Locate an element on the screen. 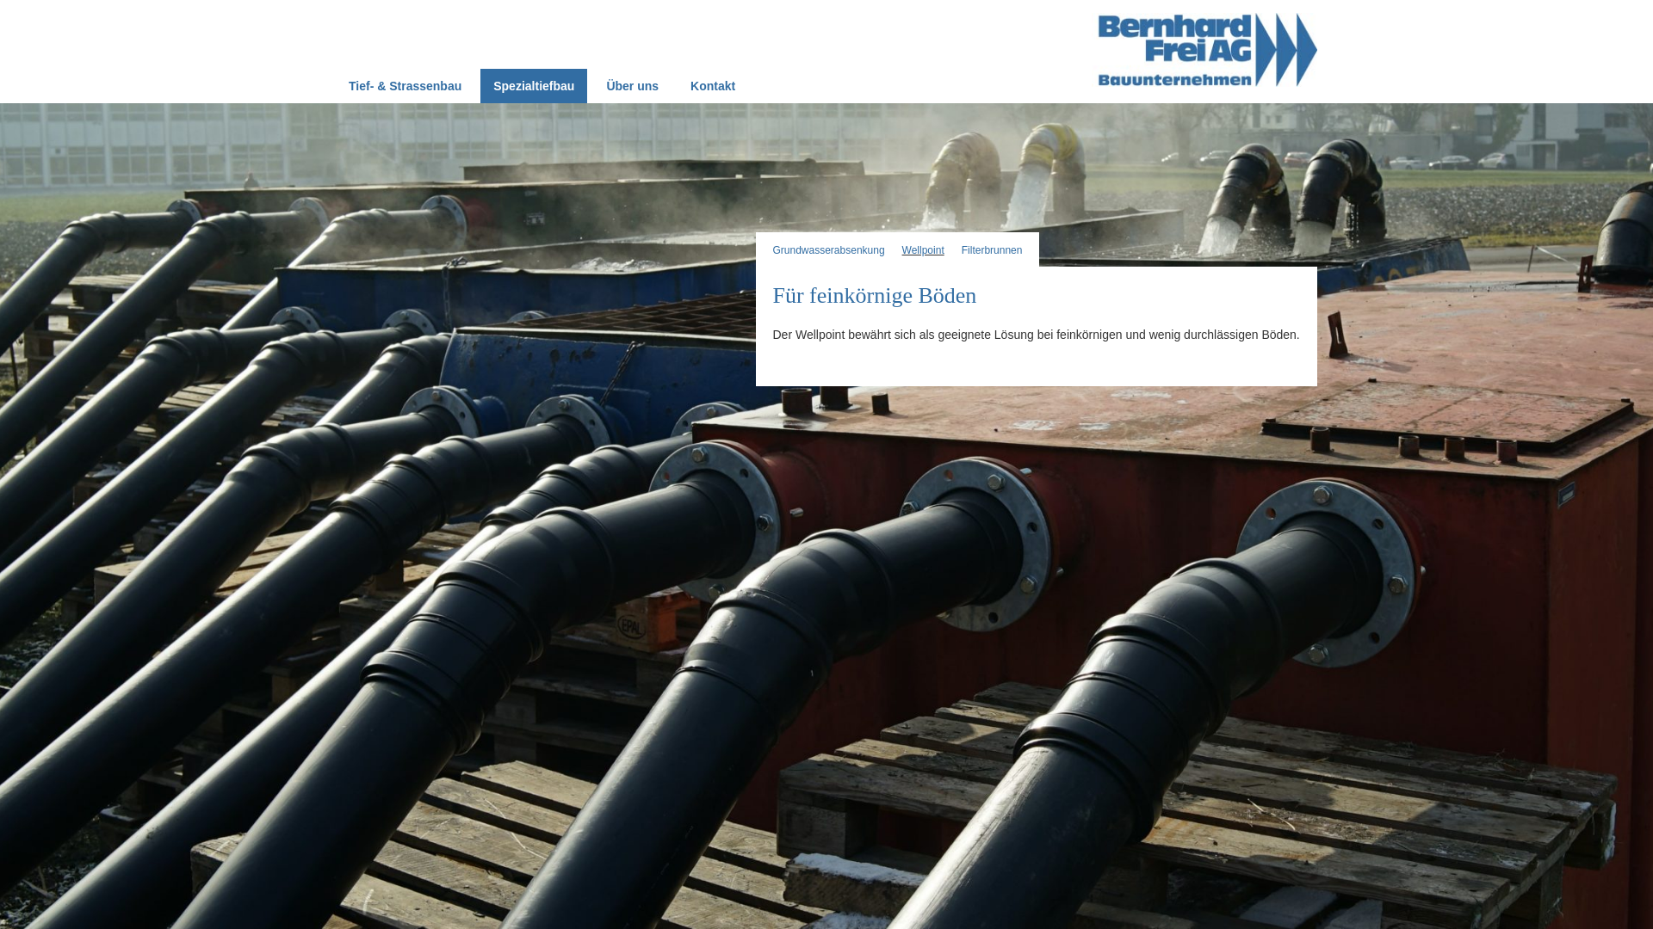  'Grundwasserabsenkung' is located at coordinates (829, 249).